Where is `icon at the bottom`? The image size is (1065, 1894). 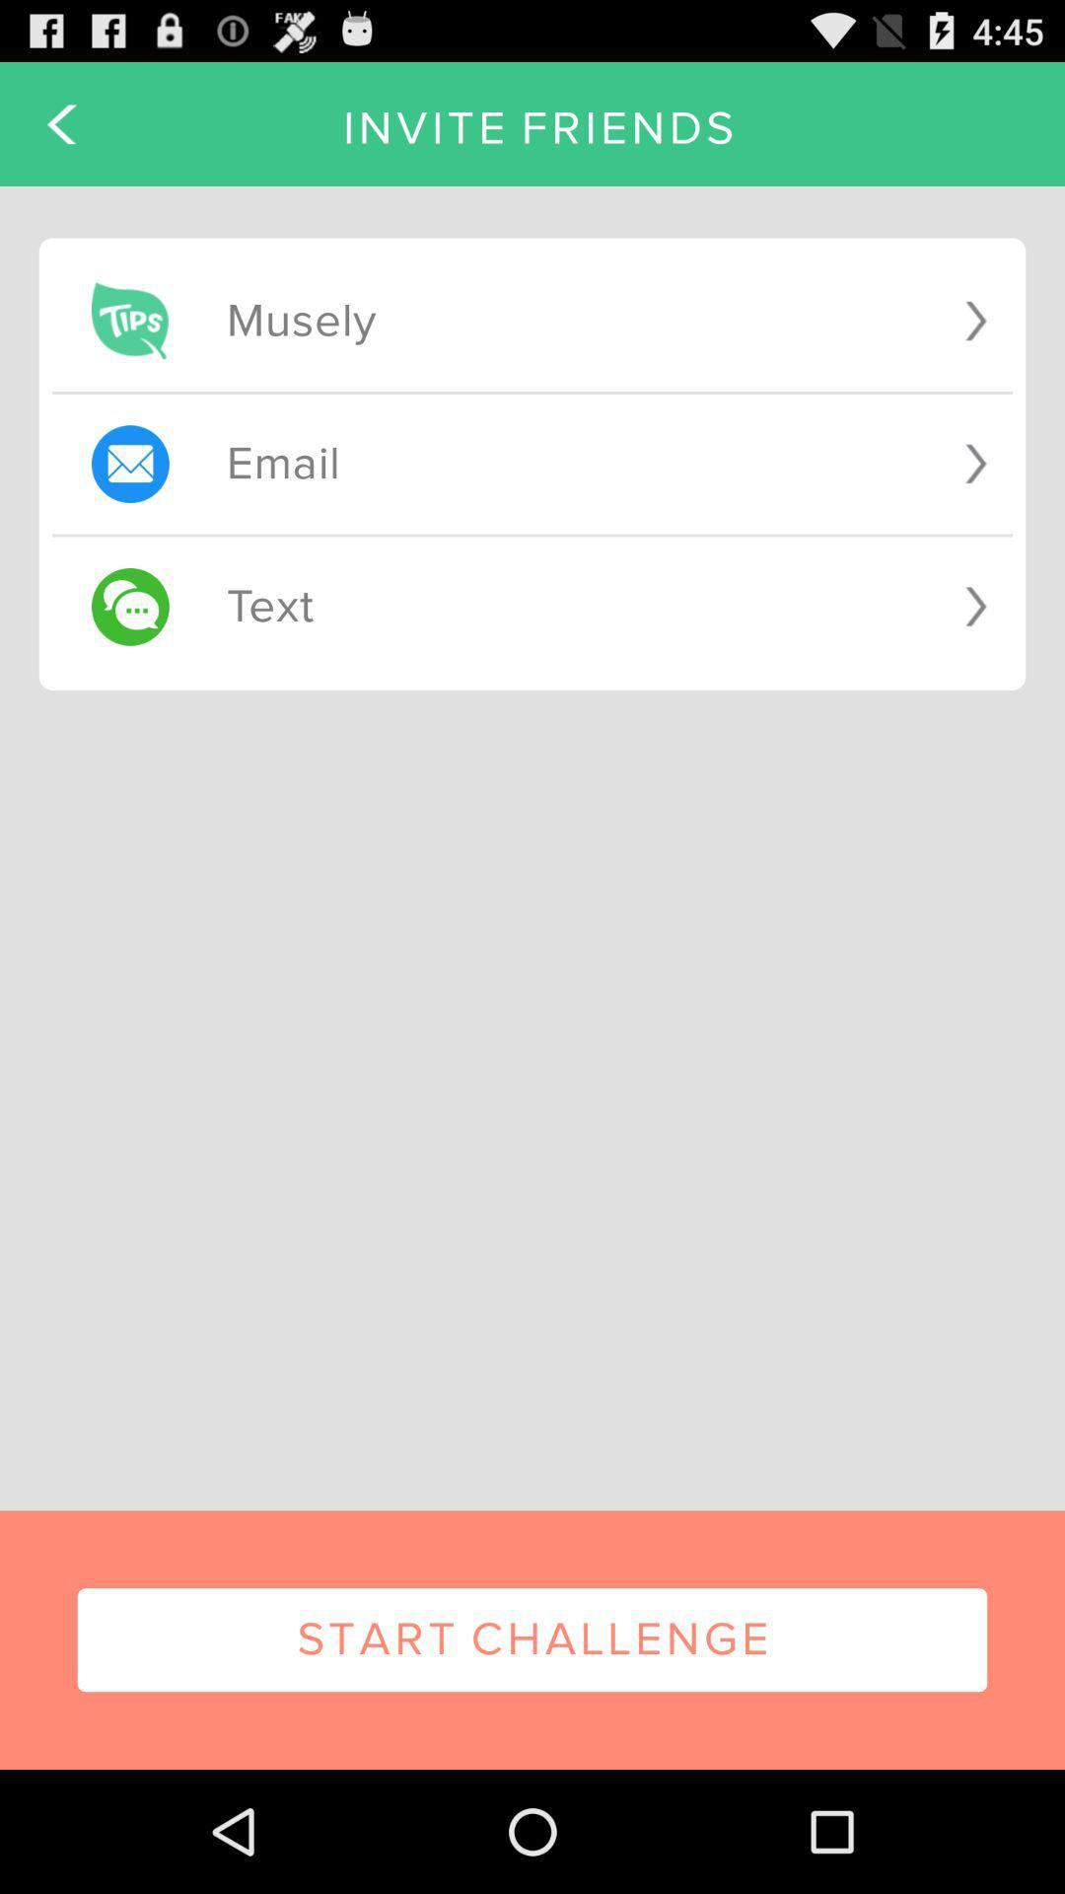 icon at the bottom is located at coordinates (532, 1639).